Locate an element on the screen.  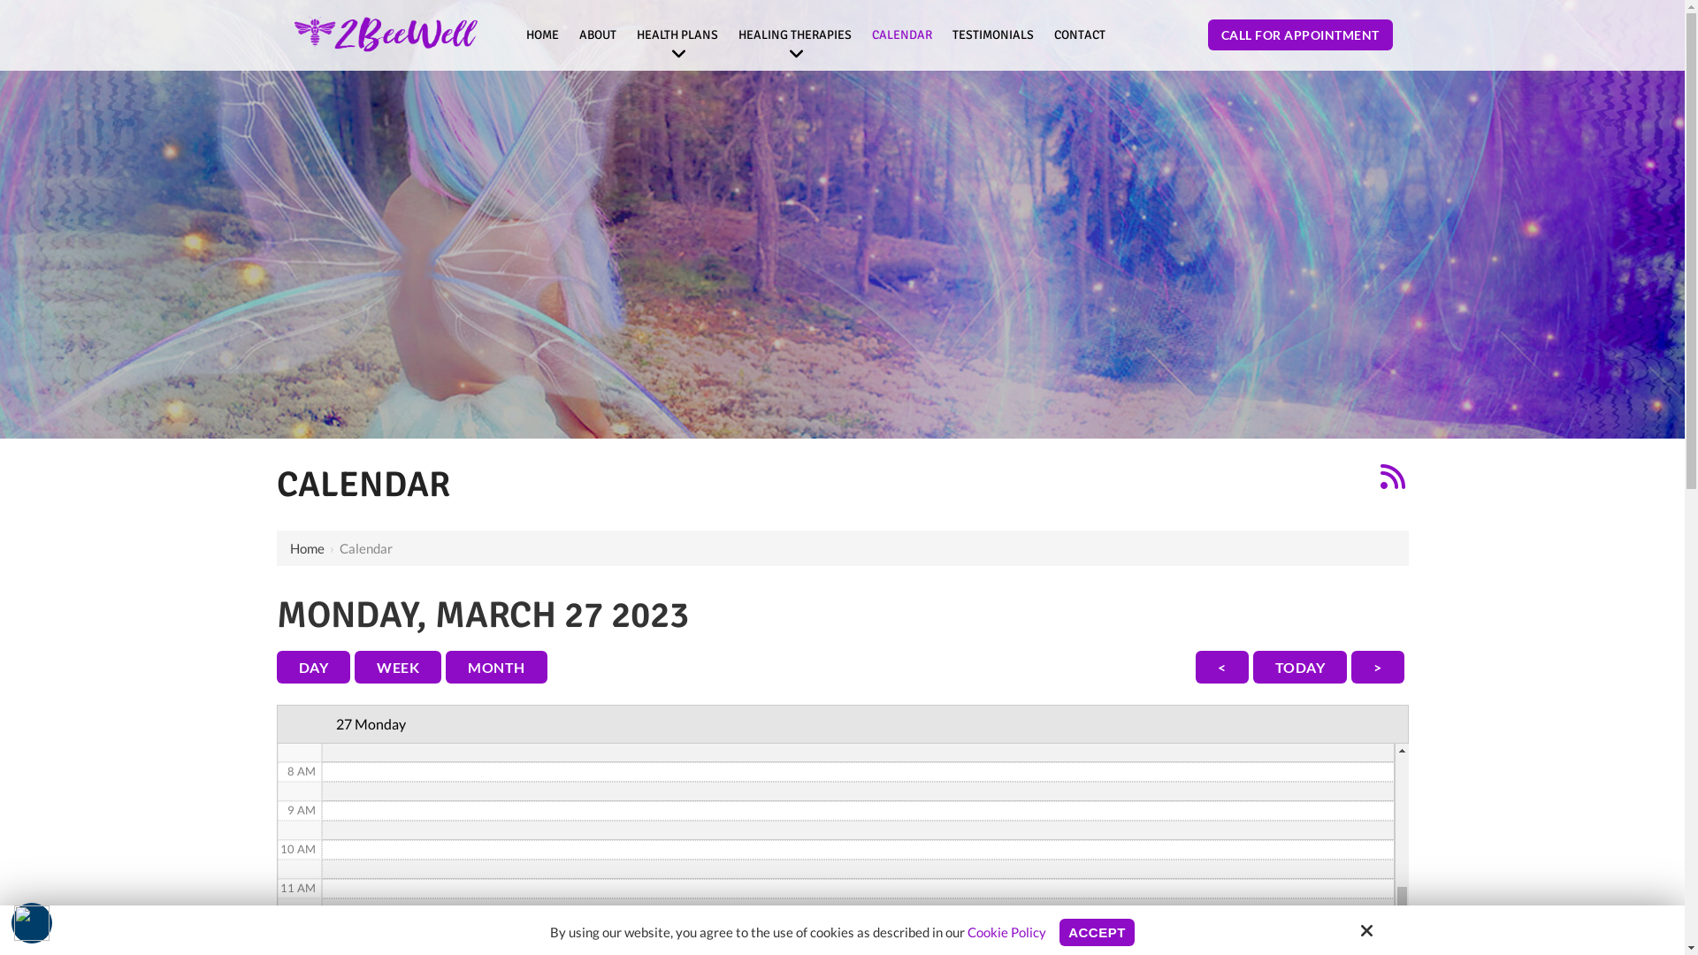
'WEEK' is located at coordinates (397, 667).